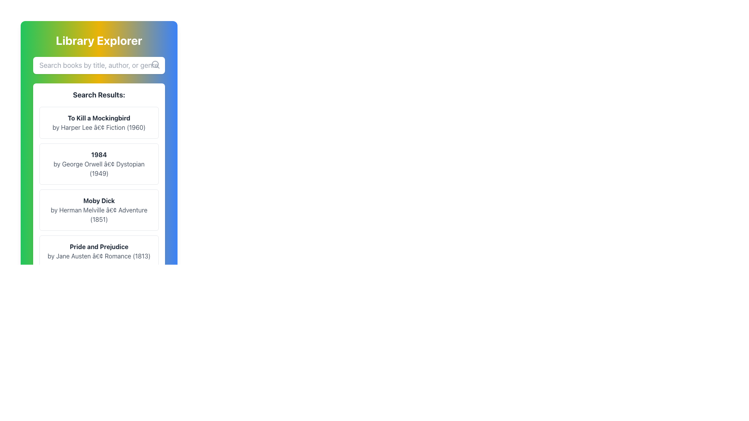 The height and width of the screenshot is (421, 749). Describe the element at coordinates (99, 65) in the screenshot. I see `the Text Input Field for searching books, located below the 'Library Explorer' title` at that location.